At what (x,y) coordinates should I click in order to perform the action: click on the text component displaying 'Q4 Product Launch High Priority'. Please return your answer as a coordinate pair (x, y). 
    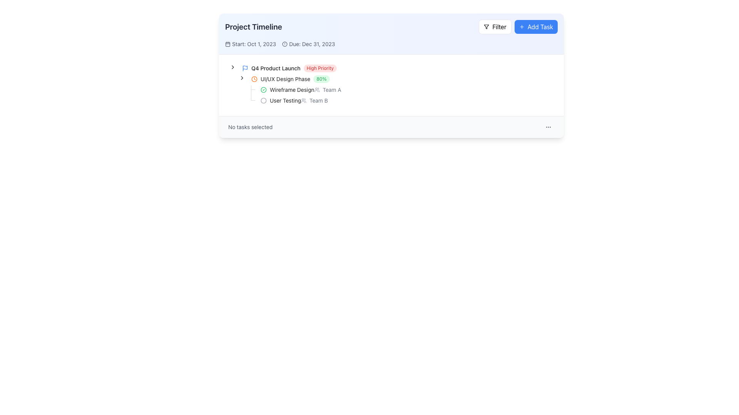
    Looking at the image, I should click on (289, 68).